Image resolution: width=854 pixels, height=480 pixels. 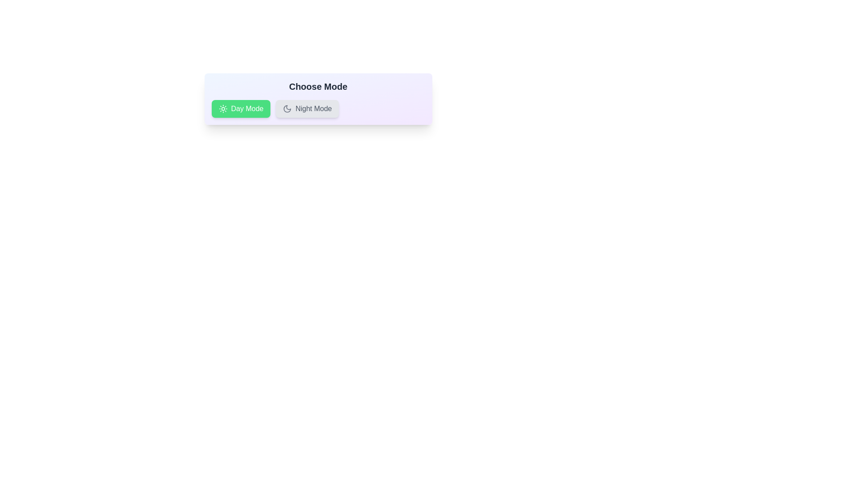 I want to click on the chip labeled Day Mode to open its context menu, so click(x=241, y=108).